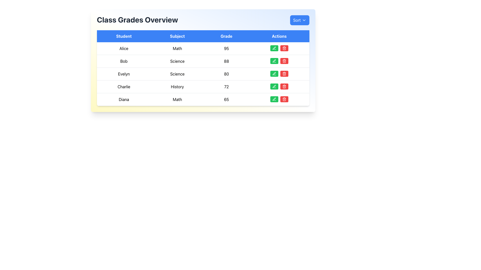 The width and height of the screenshot is (481, 270). I want to click on the delete button located in the 'Actions' column of the table row corresponding to 'Bob', so click(284, 60).